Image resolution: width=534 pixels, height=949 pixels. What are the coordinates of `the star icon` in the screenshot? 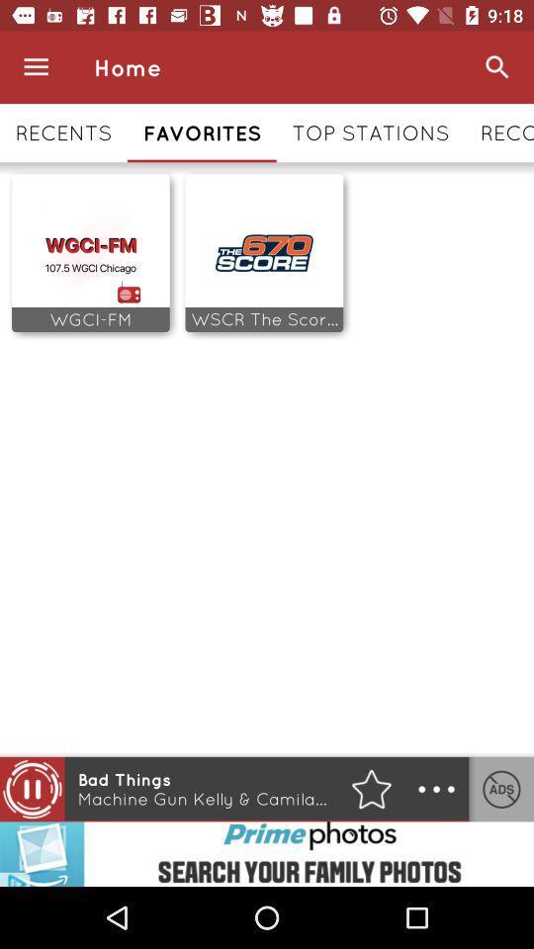 It's located at (371, 789).